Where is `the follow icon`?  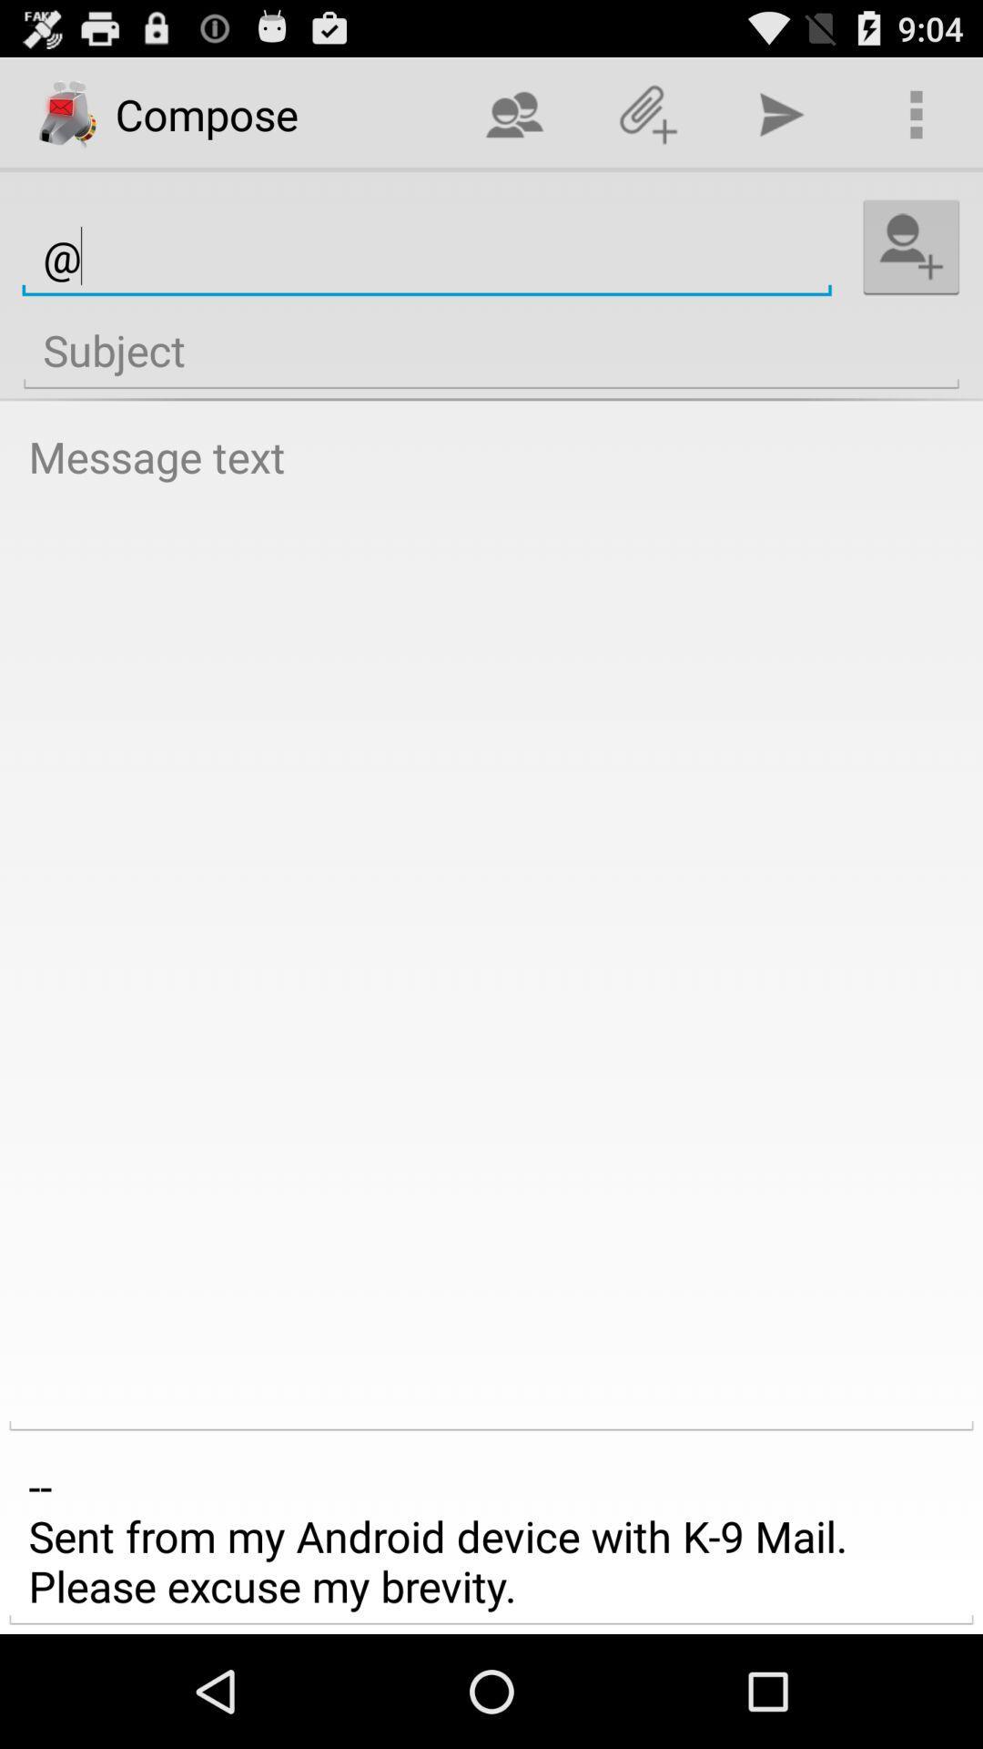
the follow icon is located at coordinates (911, 262).